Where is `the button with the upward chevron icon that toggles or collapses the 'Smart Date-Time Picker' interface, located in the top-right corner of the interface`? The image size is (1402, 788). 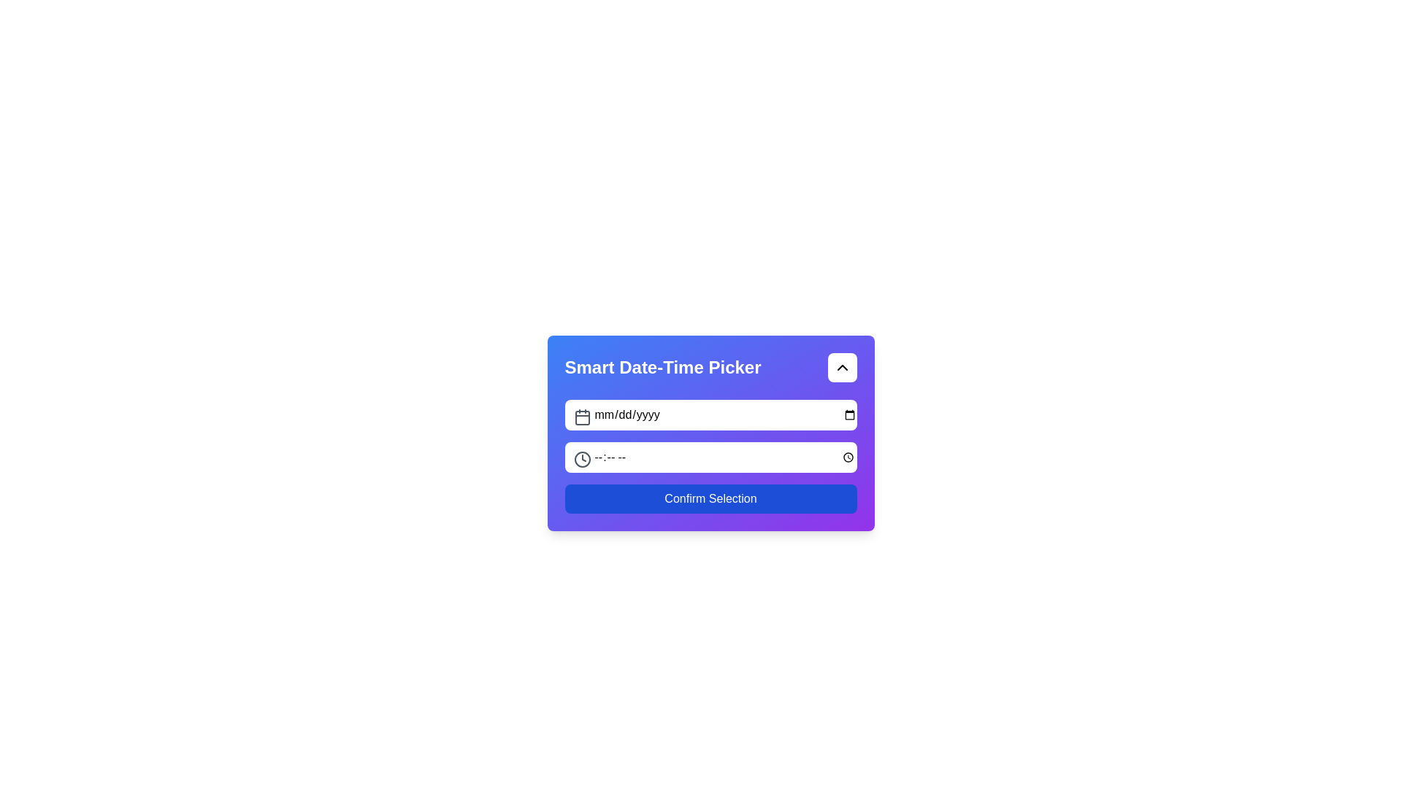
the button with the upward chevron icon that toggles or collapses the 'Smart Date-Time Picker' interface, located in the top-right corner of the interface is located at coordinates (842, 367).